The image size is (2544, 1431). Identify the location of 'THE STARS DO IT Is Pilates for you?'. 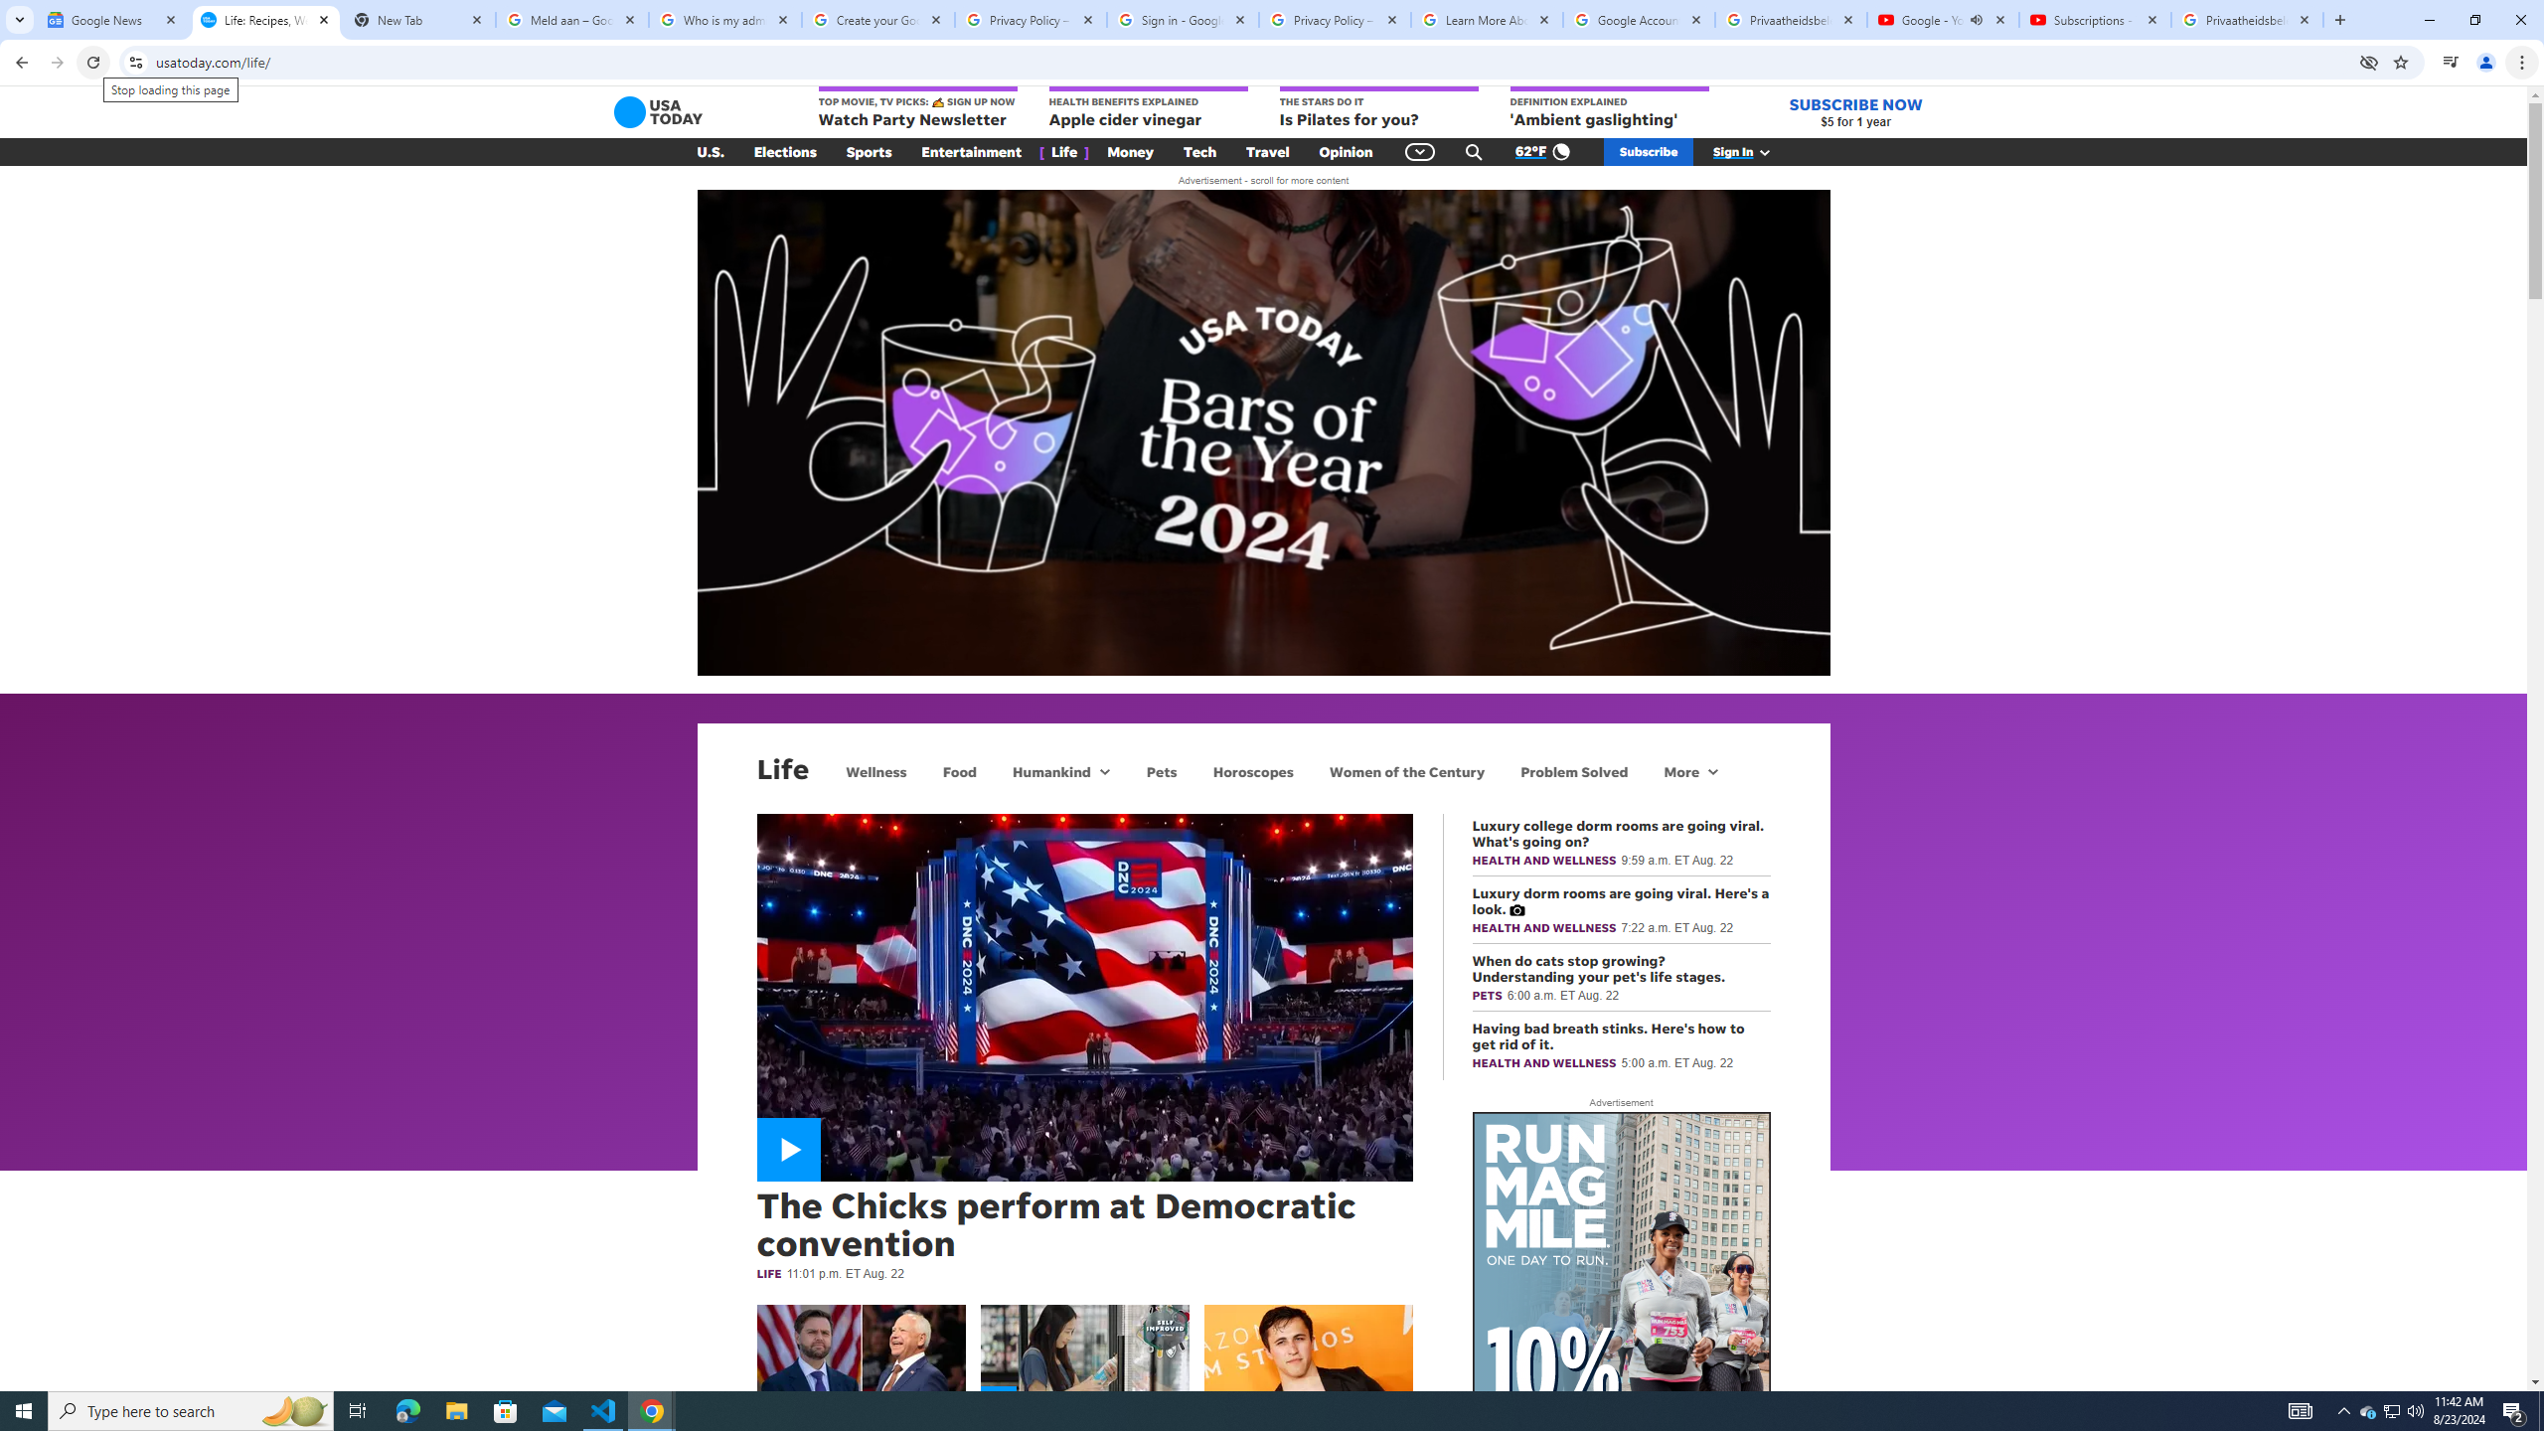
(1377, 107).